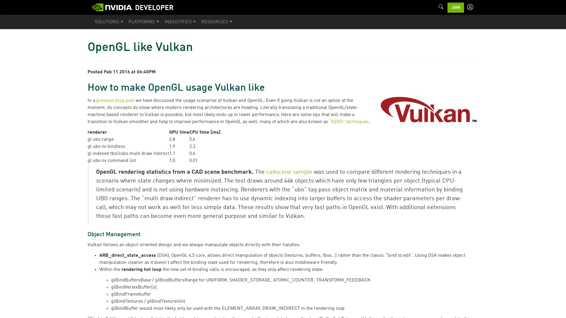 Image resolution: width=566 pixels, height=318 pixels. I want to click on PLATFORMS, so click(144, 21).